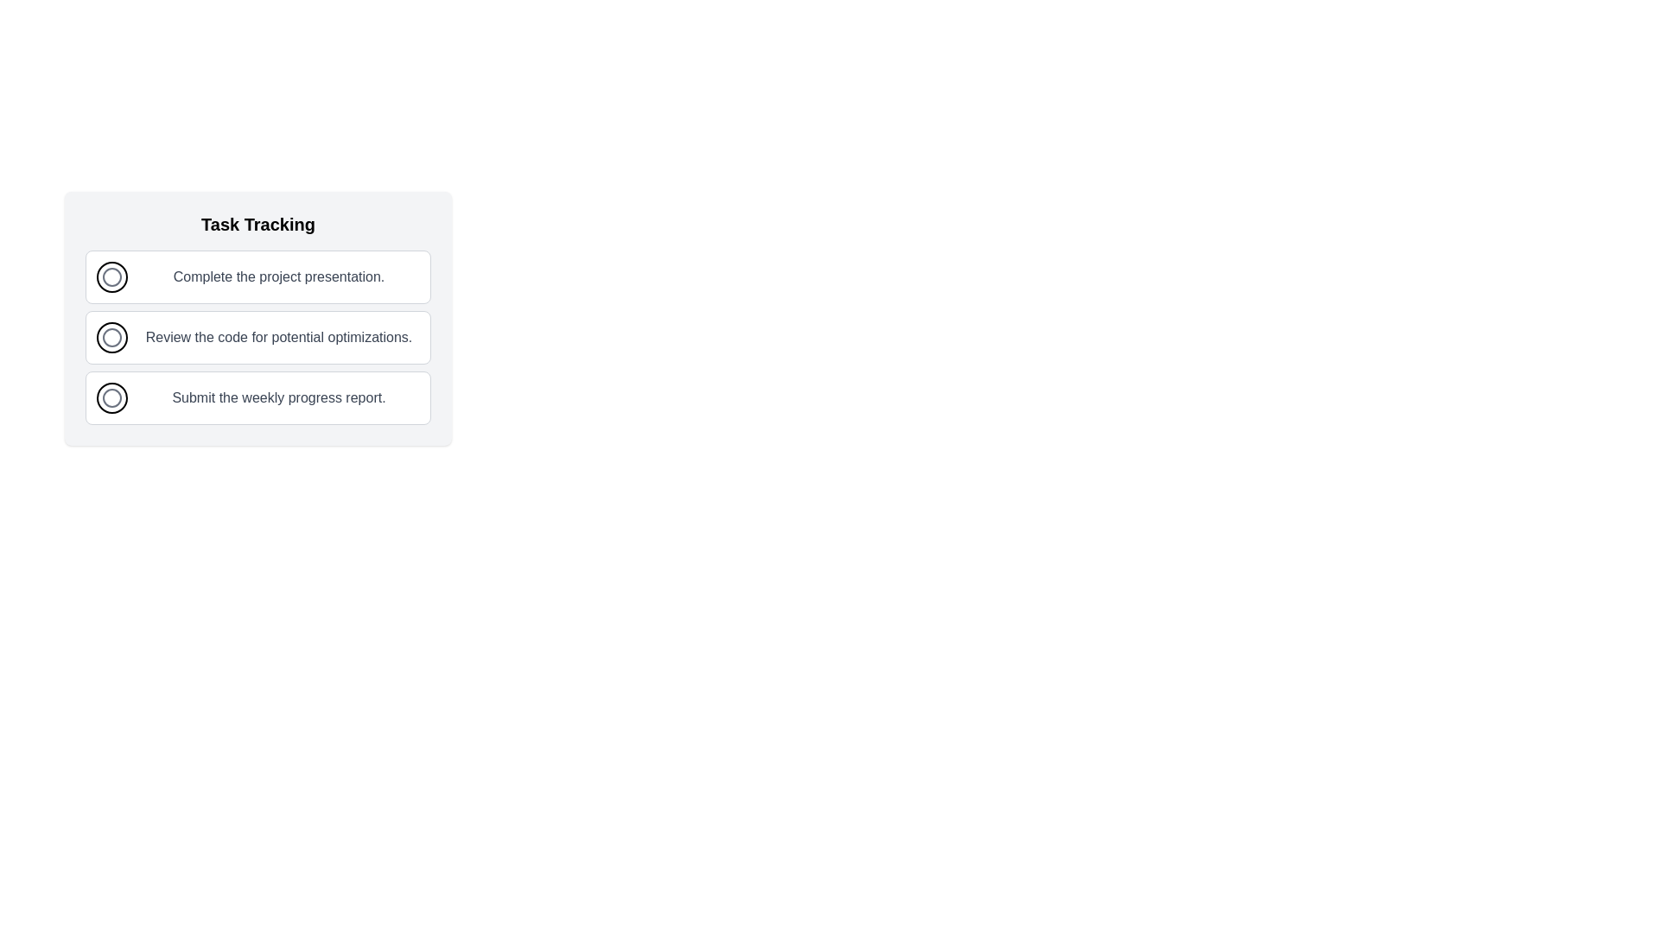  What do you see at coordinates (278, 337) in the screenshot?
I see `the central text label that instructs users about the interactive task selection interface, positioned between 'Complete the project presentation.' and 'Submit the weekly progress report.'` at bounding box center [278, 337].